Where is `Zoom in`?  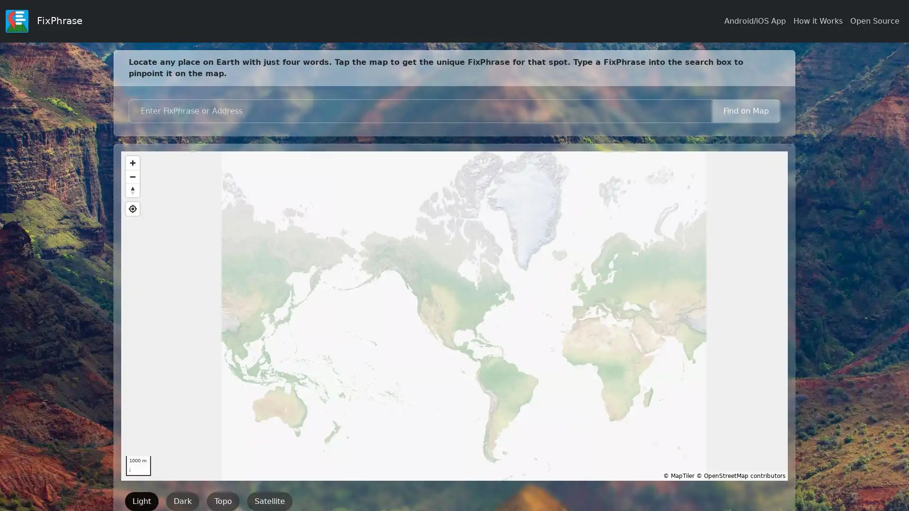 Zoom in is located at coordinates (132, 162).